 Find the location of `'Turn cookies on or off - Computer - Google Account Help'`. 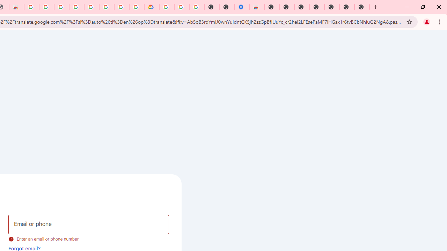

'Turn cookies on or off - Computer - Google Account Help' is located at coordinates (196, 7).